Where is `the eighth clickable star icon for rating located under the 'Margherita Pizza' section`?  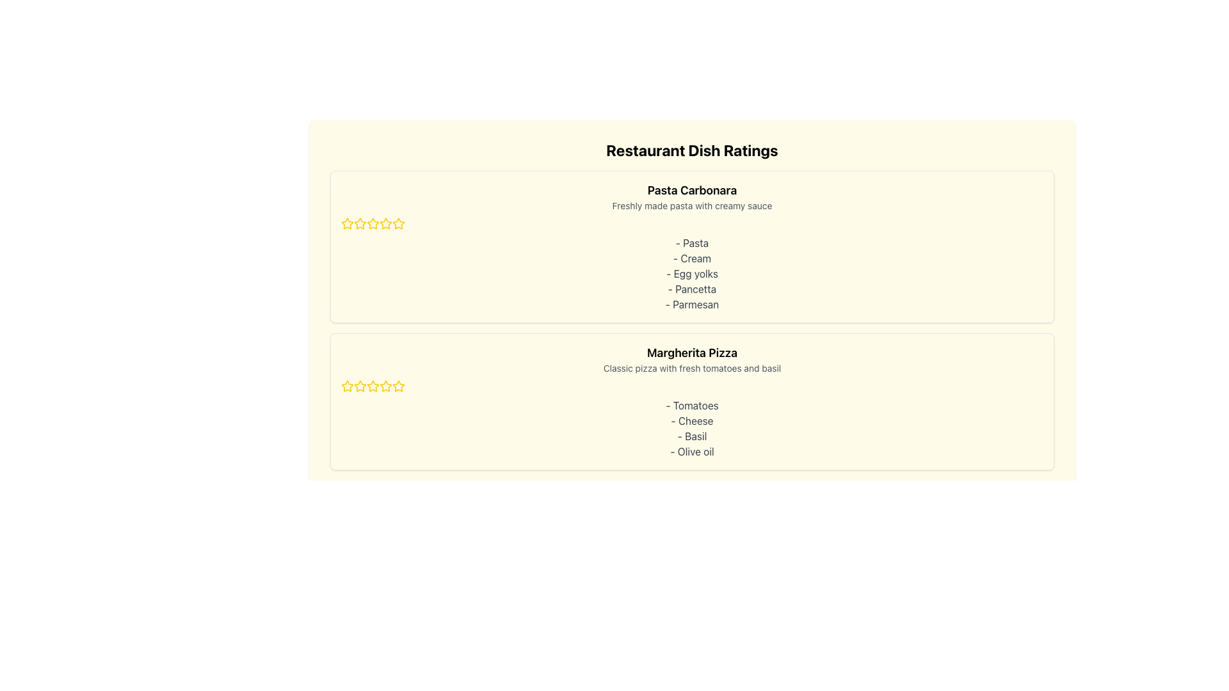
the eighth clickable star icon for rating located under the 'Margherita Pizza' section is located at coordinates (398, 386).